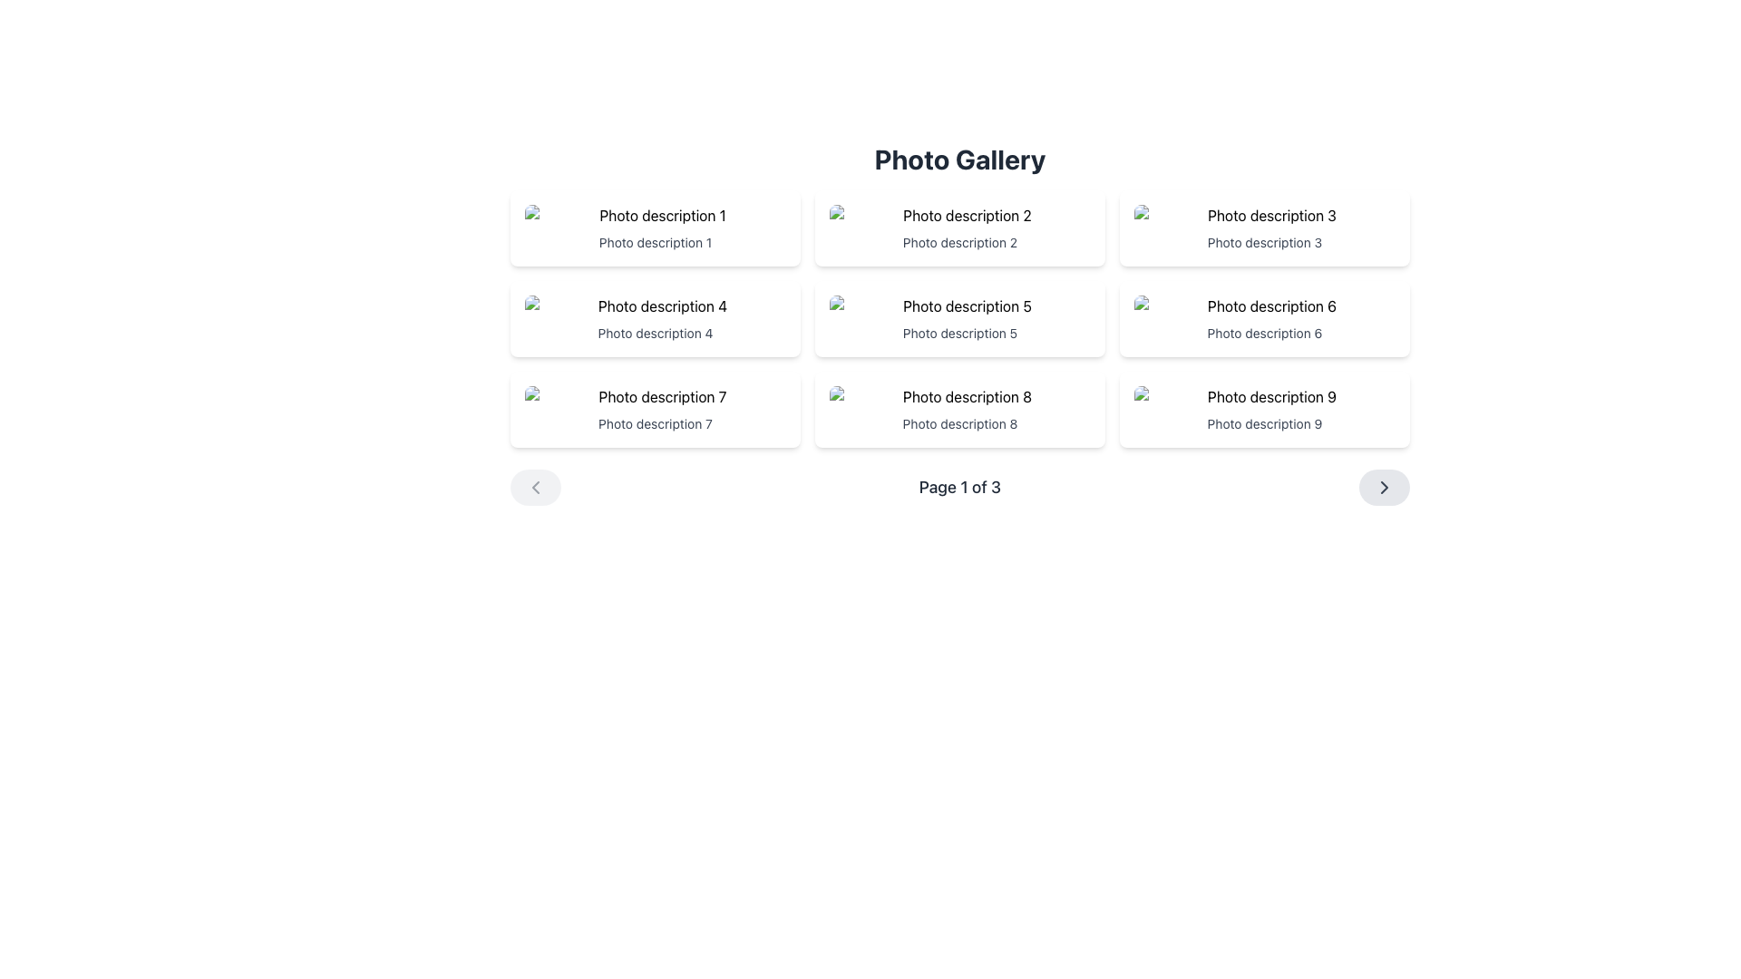 This screenshot has width=1741, height=979. I want to click on the descriptive text label that provides additional information about the associated image above, located in the top row of a grid layout, directly below the first image placeholder in the second column, so click(959, 241).